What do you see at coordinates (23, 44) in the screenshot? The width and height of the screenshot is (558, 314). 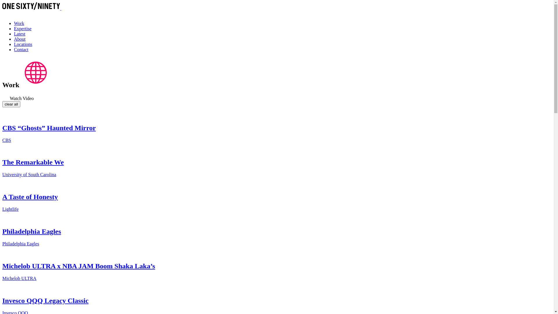 I see `'Locations'` at bounding box center [23, 44].